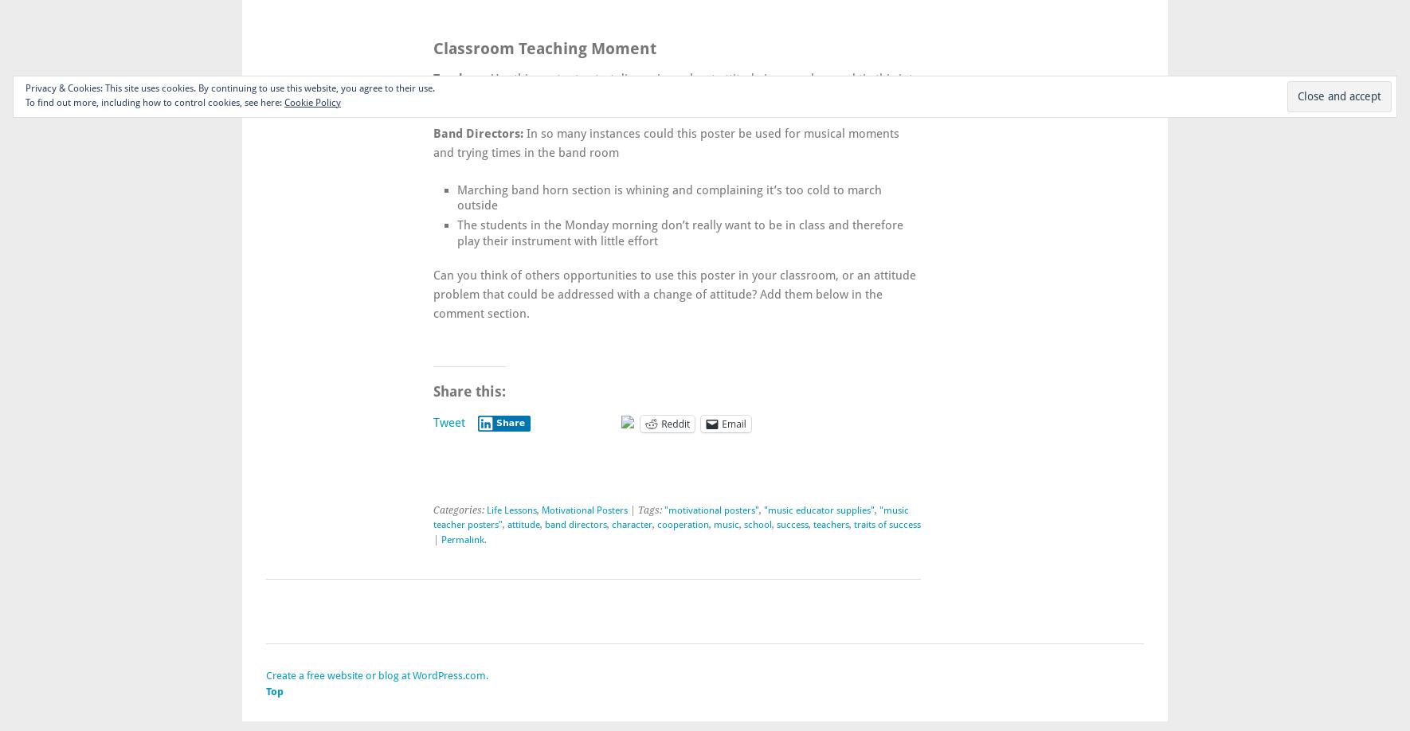 The height and width of the screenshot is (731, 1410). Describe the element at coordinates (710, 510) in the screenshot. I see `'"motivational posters"'` at that location.